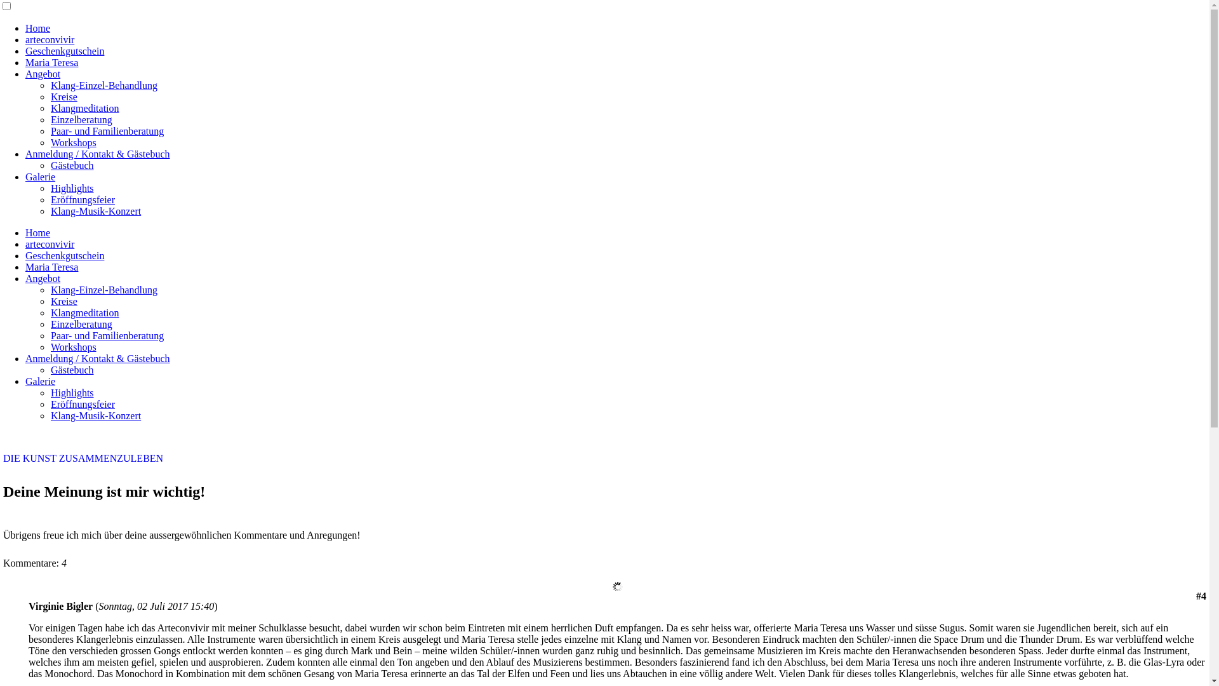  What do you see at coordinates (40, 177) in the screenshot?
I see `'Galerie'` at bounding box center [40, 177].